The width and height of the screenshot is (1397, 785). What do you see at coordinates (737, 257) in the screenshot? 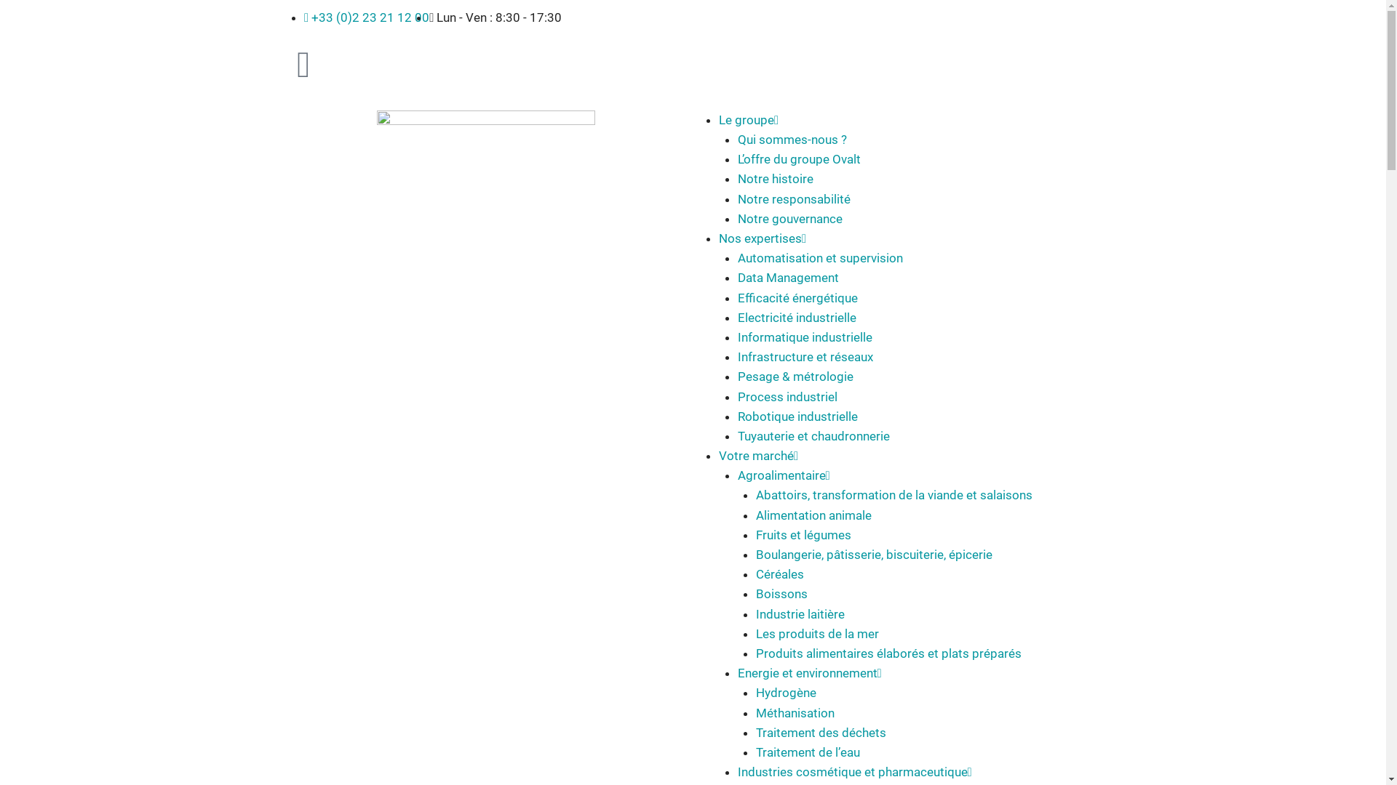
I see `'Automatisation et supervision'` at bounding box center [737, 257].